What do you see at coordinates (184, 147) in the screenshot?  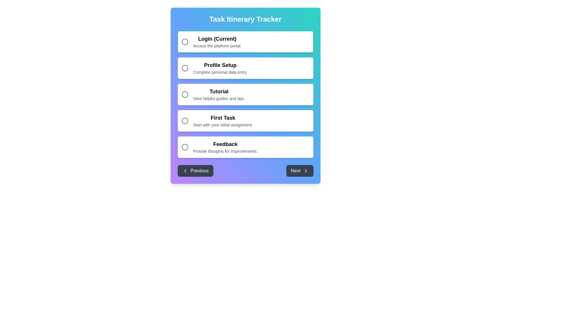 I see `the gray circular SVG icon with a stroke-width of 2 located to the immediate left of the title 'Feedback'` at bounding box center [184, 147].